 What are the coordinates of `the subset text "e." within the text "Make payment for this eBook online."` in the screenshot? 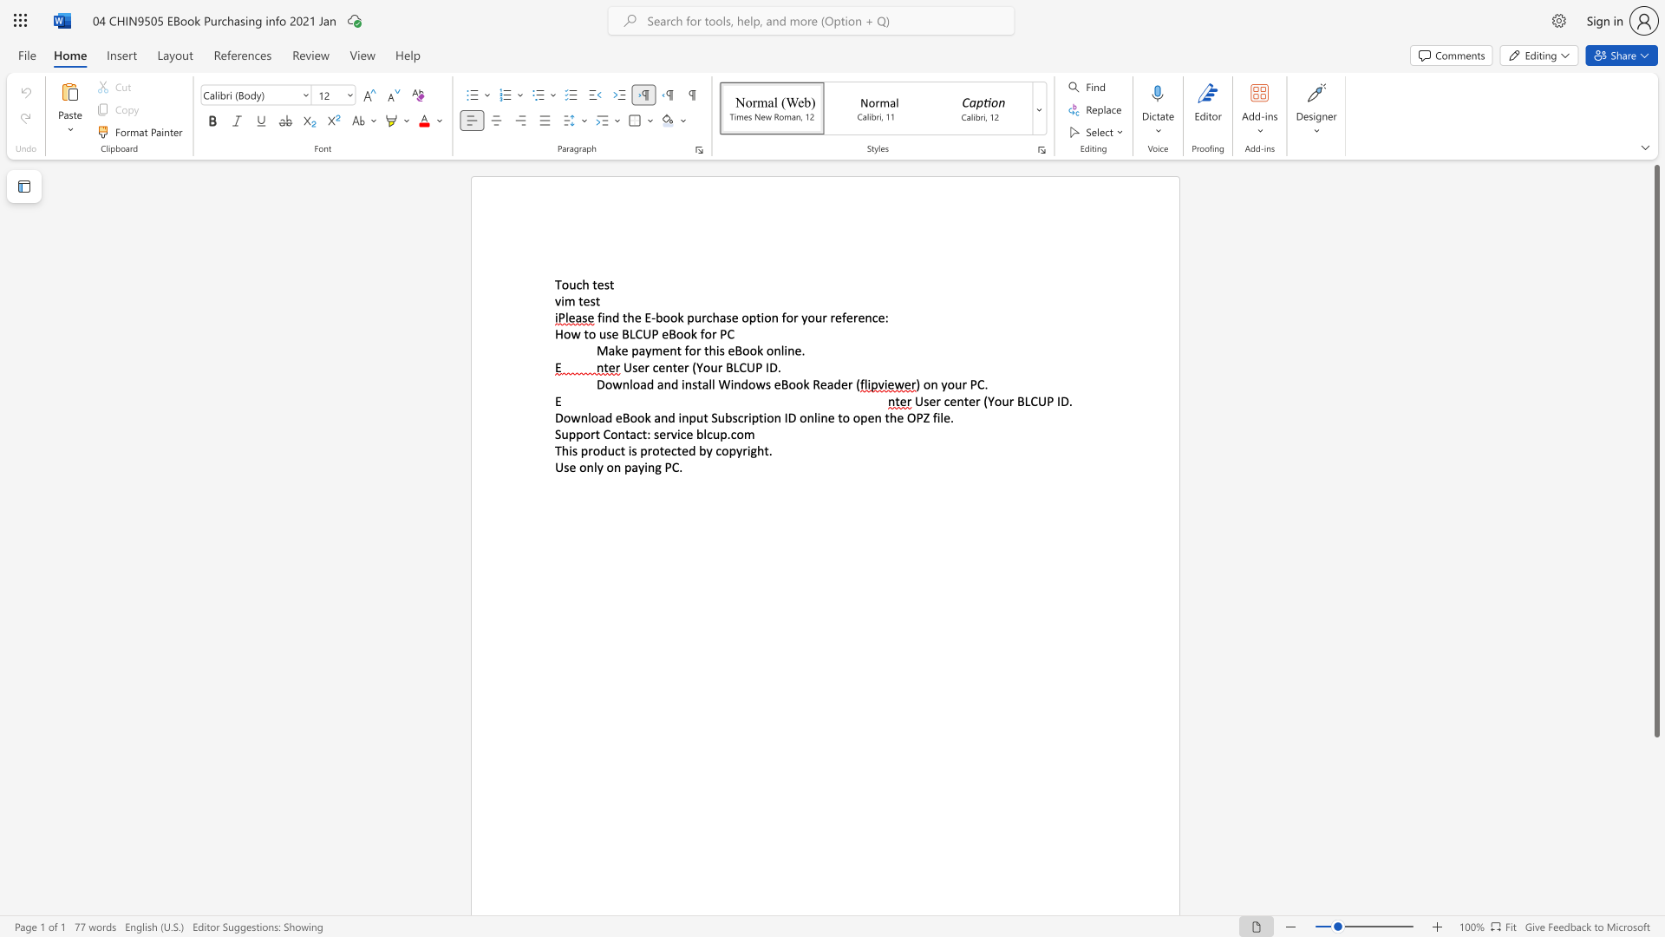 It's located at (793, 351).